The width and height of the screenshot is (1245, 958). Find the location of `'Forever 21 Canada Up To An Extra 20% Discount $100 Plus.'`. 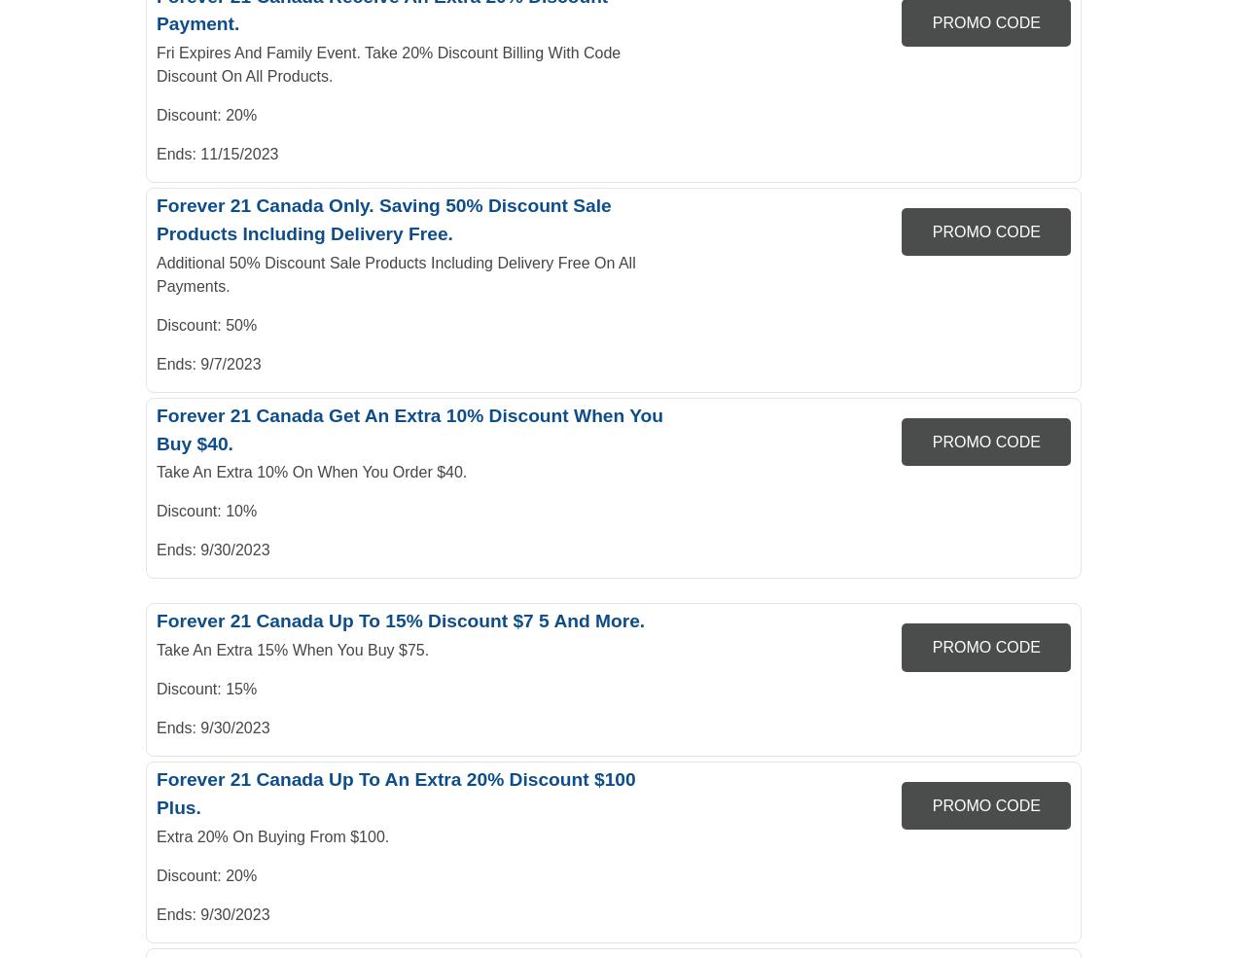

'Forever 21 Canada Up To An Extra 20% Discount $100 Plus.' is located at coordinates (395, 792).